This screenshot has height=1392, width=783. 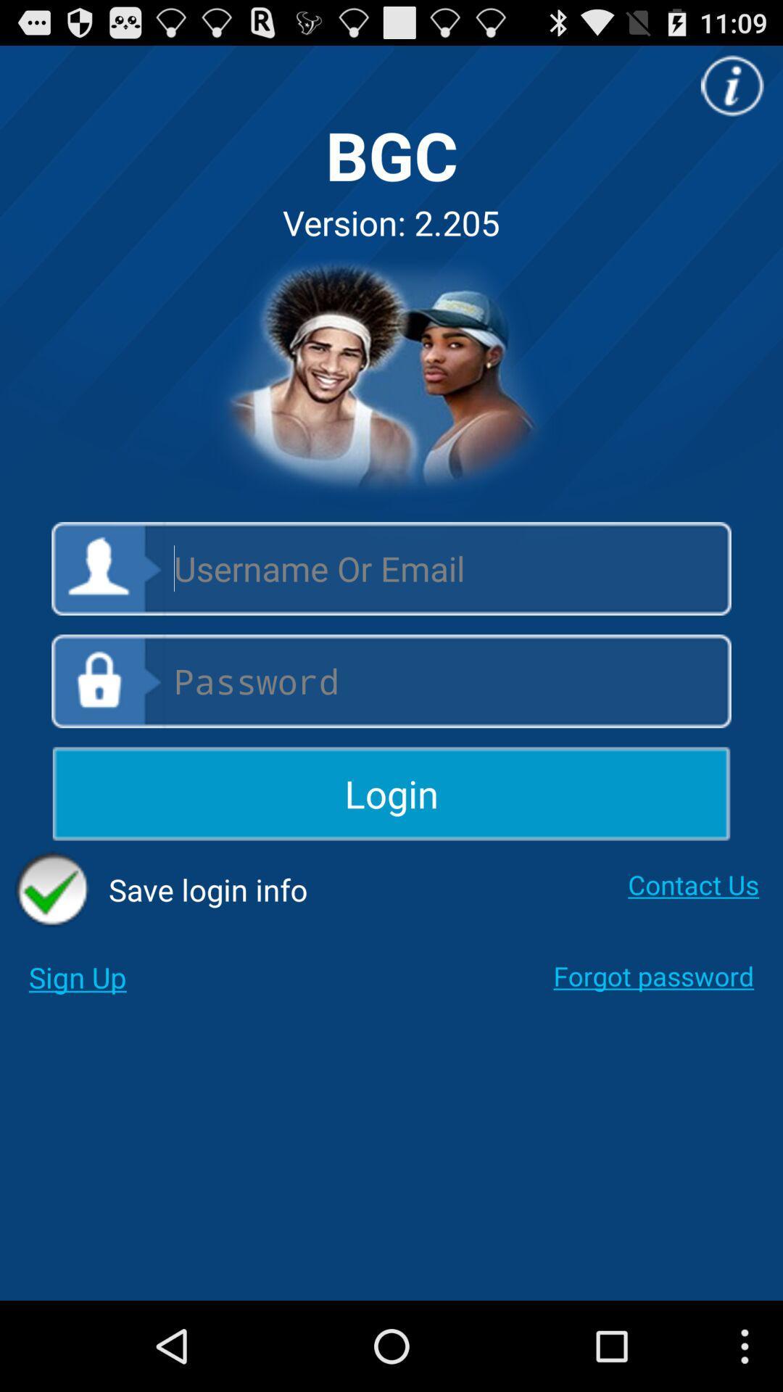 What do you see at coordinates (161, 889) in the screenshot?
I see `the icon below login` at bounding box center [161, 889].